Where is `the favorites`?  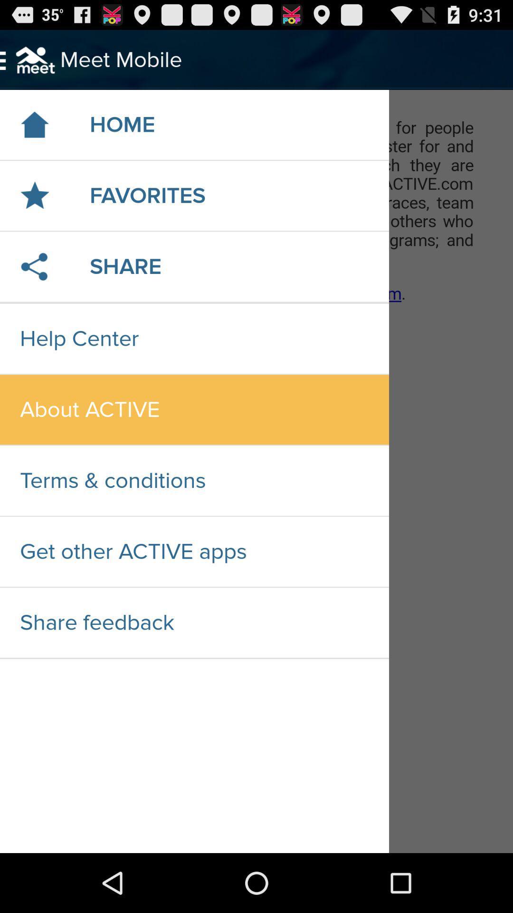
the favorites is located at coordinates (147, 195).